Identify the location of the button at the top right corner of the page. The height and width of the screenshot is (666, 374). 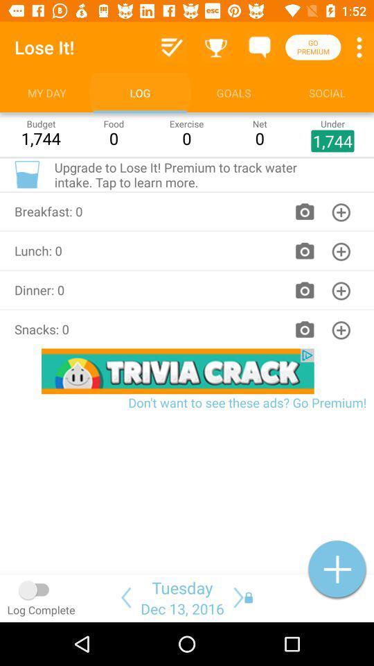
(359, 46).